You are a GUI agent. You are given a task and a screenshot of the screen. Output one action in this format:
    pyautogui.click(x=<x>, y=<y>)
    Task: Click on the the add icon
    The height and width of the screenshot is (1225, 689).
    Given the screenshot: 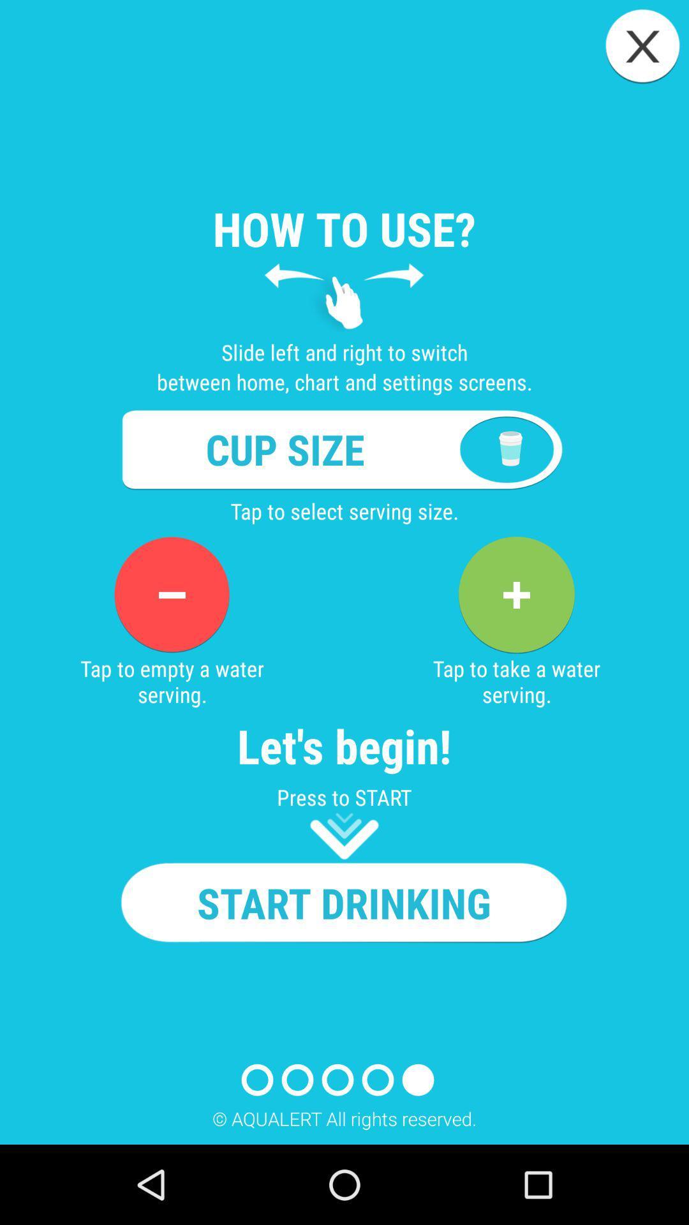 What is the action you would take?
    pyautogui.click(x=515, y=594)
    